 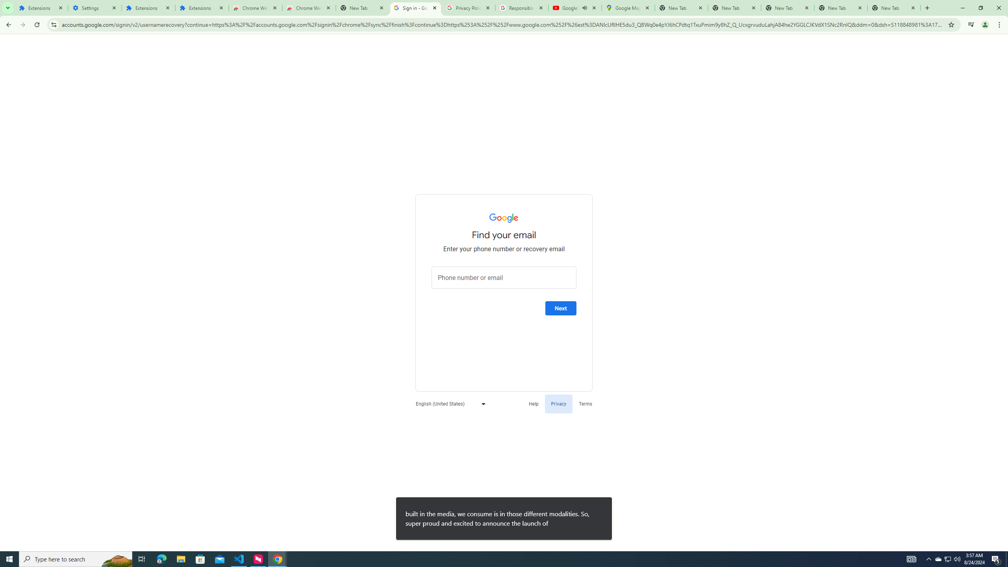 I want to click on 'Chrome Web Store - Themes', so click(x=309, y=7).